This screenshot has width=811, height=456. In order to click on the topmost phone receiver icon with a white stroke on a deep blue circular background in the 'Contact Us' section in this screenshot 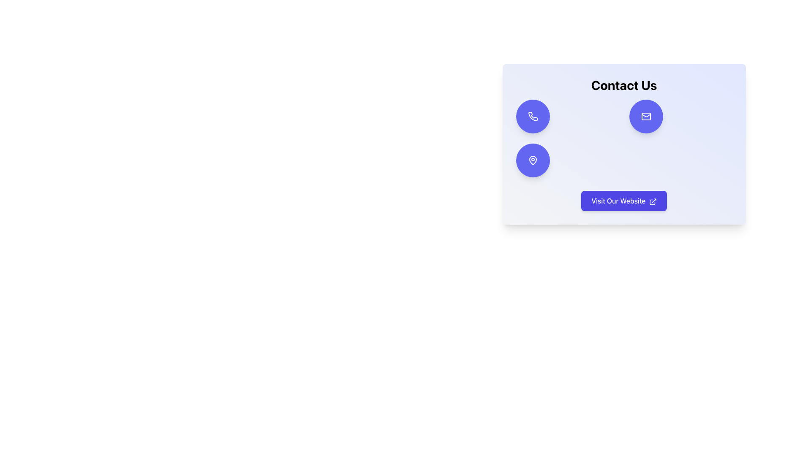, I will do `click(532, 117)`.